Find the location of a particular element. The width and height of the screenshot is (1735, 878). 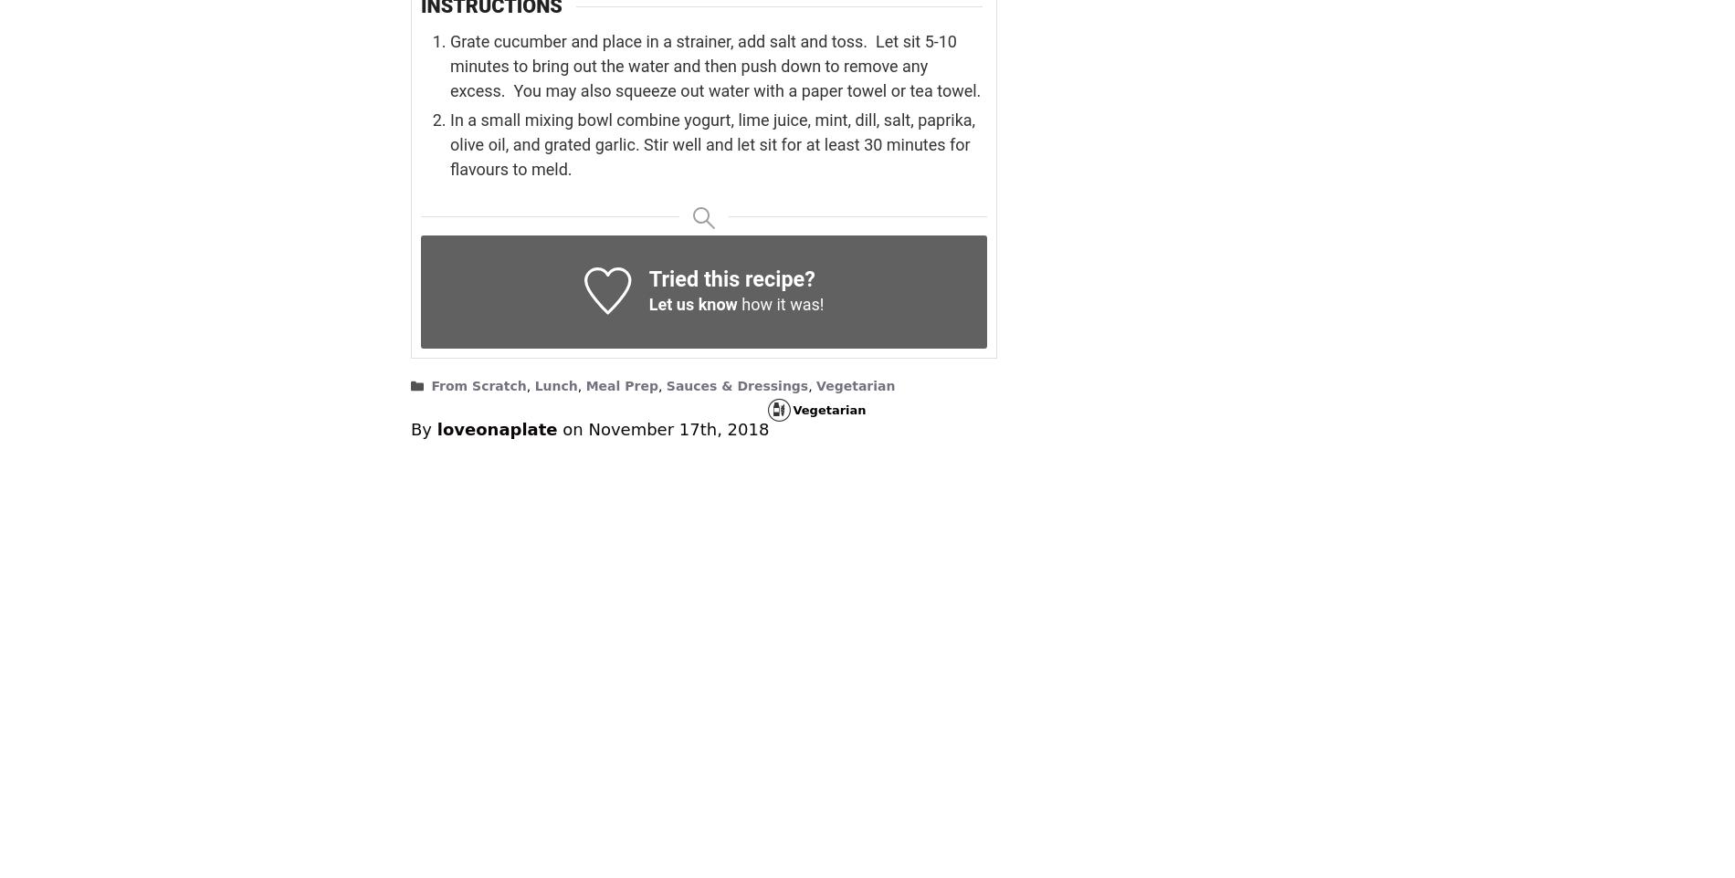

'Let us know' is located at coordinates (691, 302).